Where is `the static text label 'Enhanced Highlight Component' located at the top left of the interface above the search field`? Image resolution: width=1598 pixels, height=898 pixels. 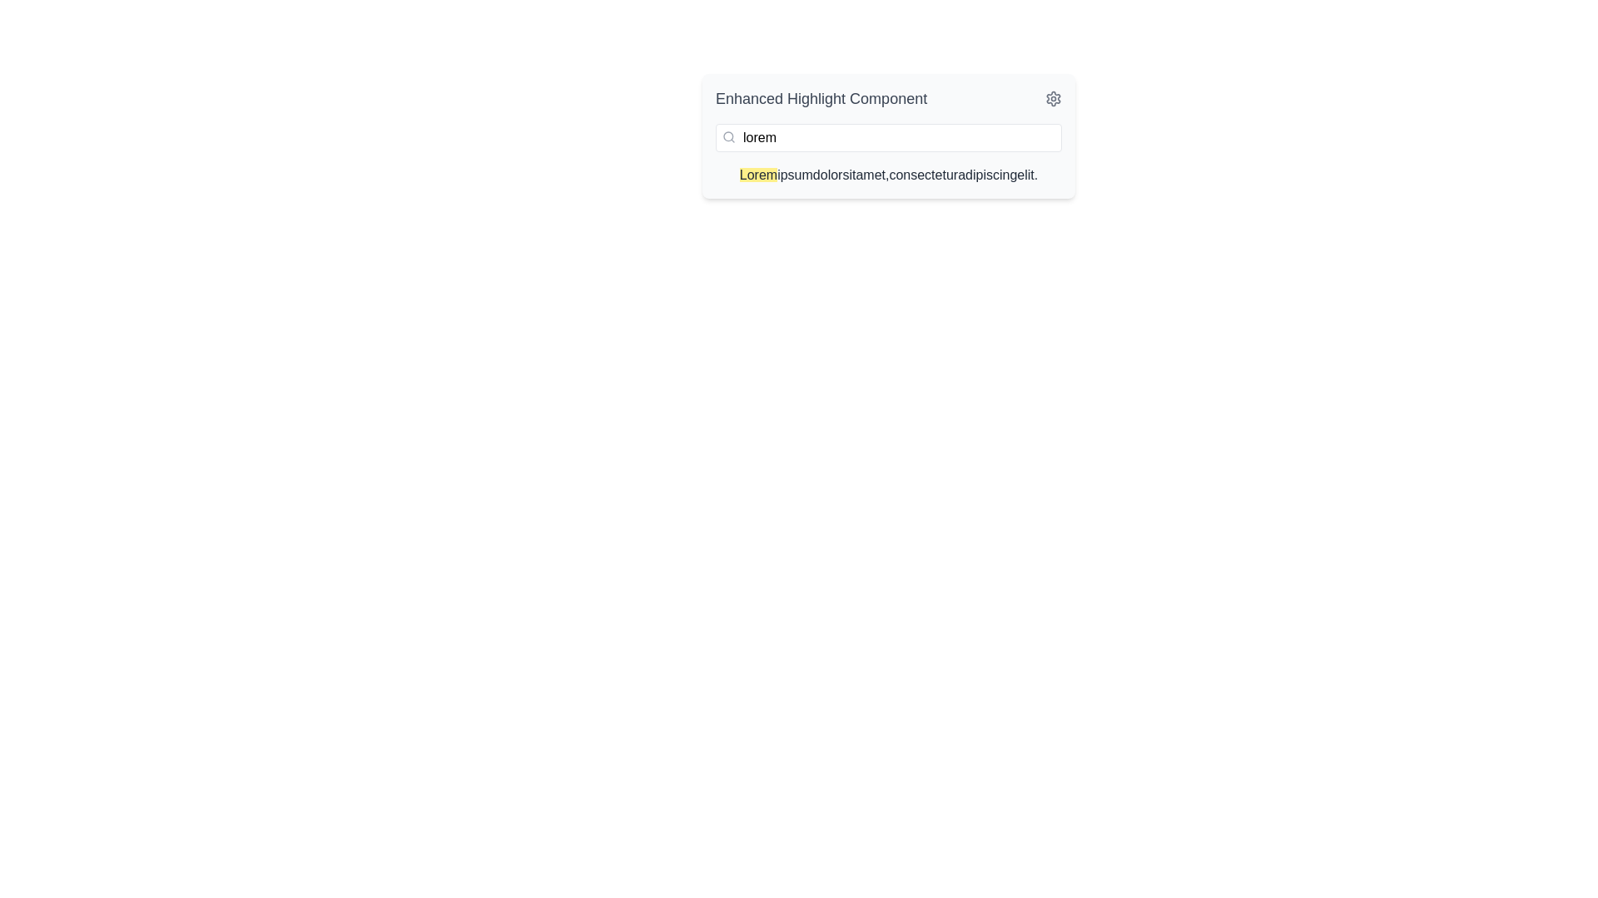 the static text label 'Enhanced Highlight Component' located at the top left of the interface above the search field is located at coordinates (821, 99).